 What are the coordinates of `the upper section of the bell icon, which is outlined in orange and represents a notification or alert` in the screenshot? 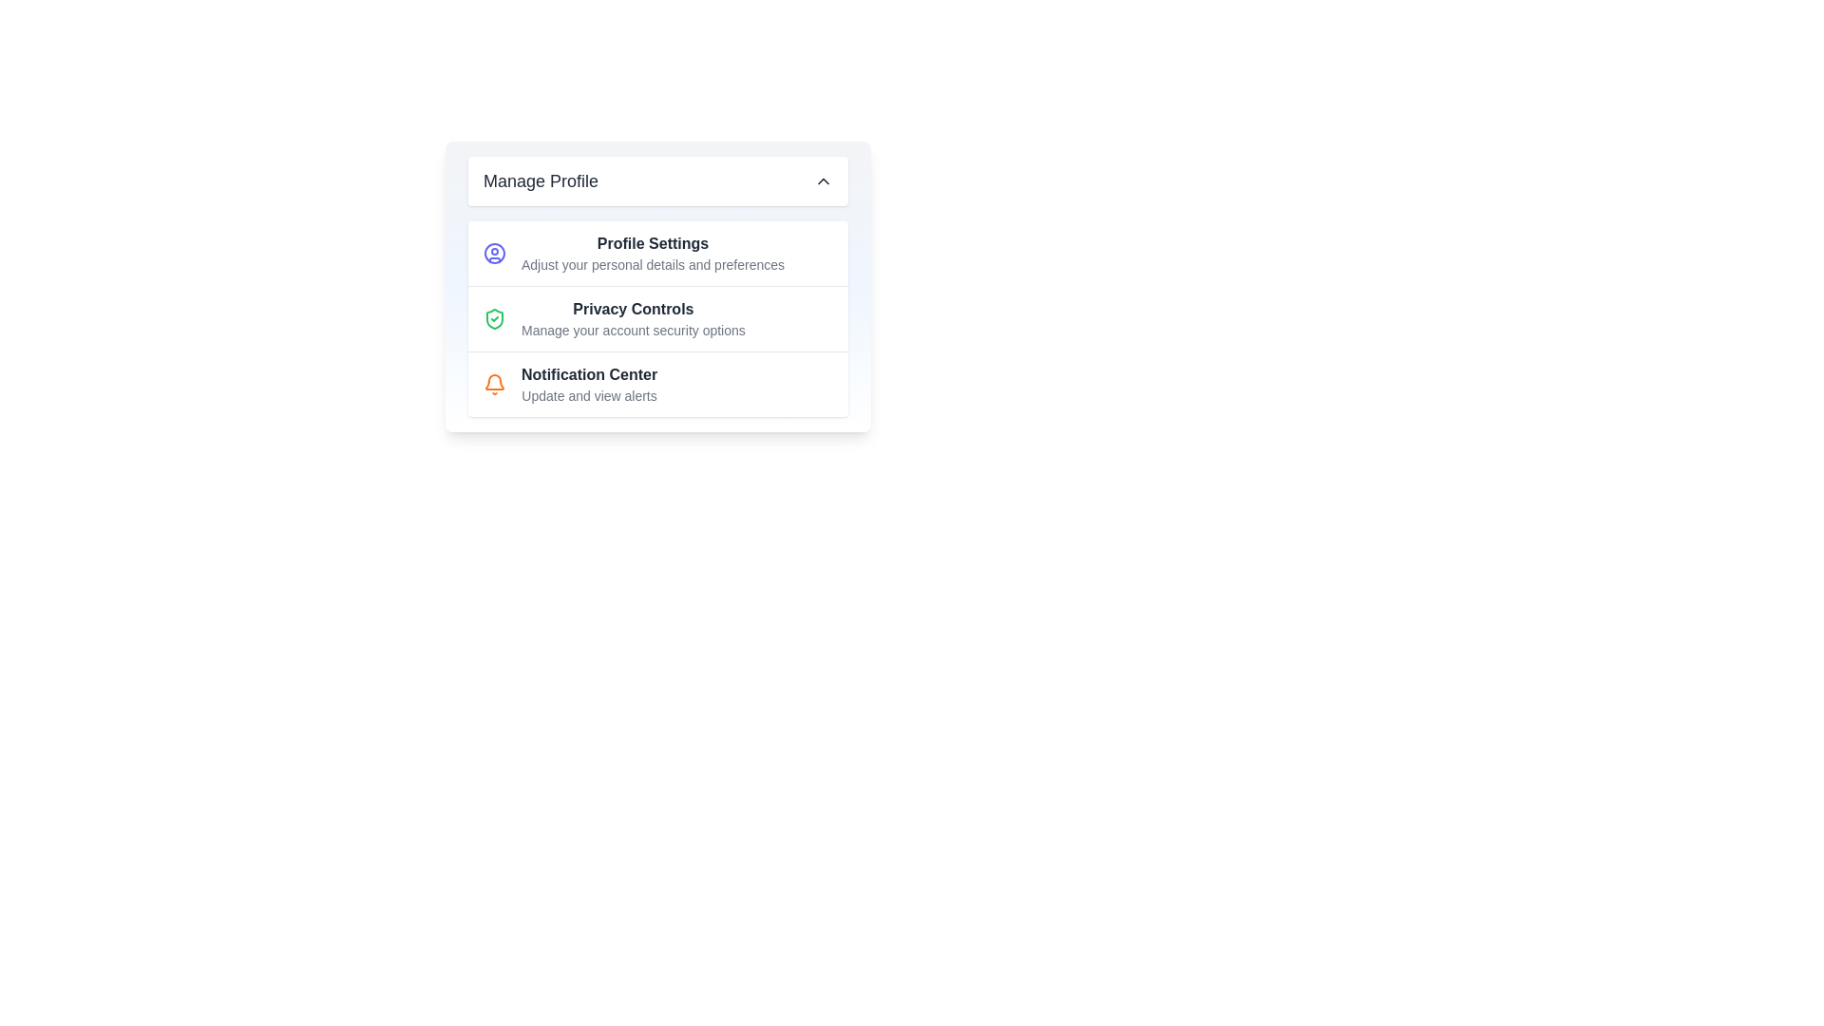 It's located at (495, 382).